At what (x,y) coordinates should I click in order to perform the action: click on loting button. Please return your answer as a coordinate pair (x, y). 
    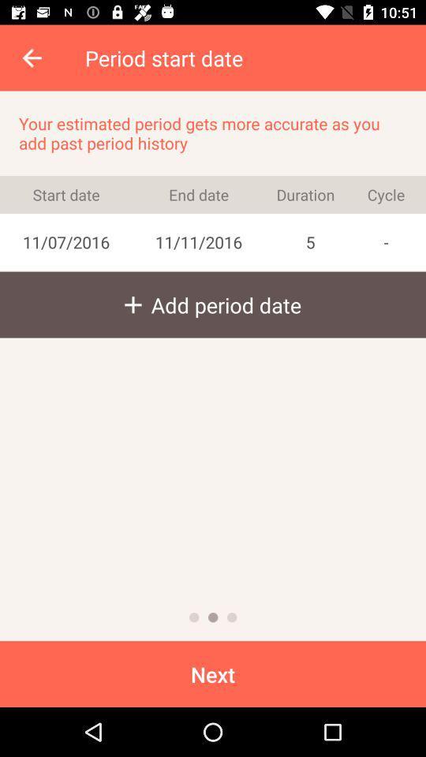
    Looking at the image, I should click on (231, 617).